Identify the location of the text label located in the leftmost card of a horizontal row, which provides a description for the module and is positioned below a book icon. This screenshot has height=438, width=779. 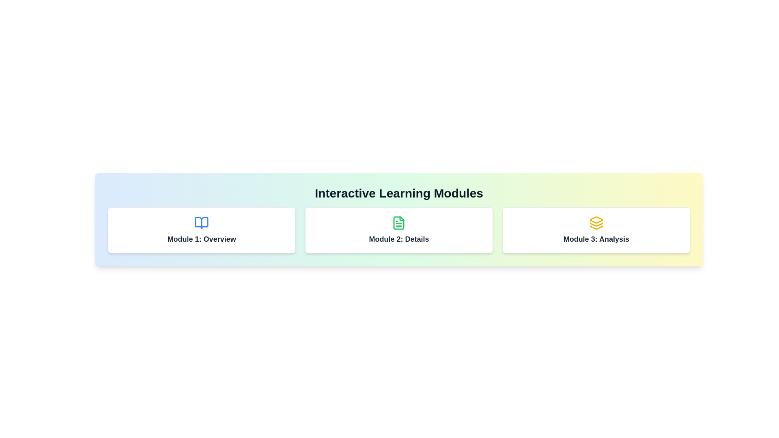
(202, 239).